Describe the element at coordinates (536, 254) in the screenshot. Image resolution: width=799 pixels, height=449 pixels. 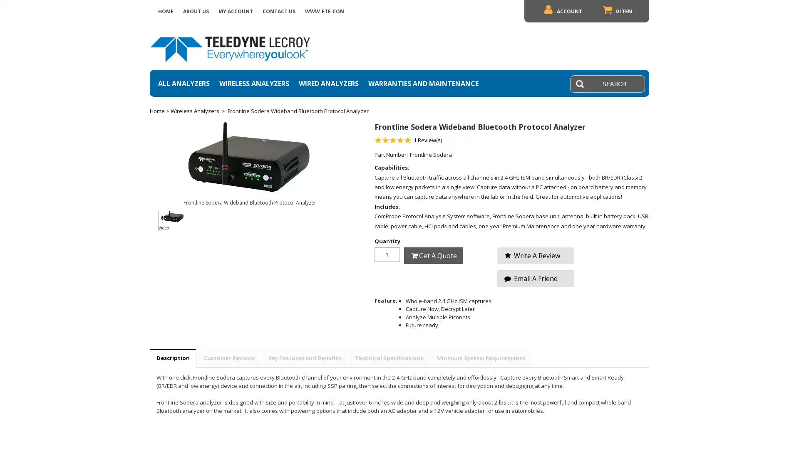
I see `Write A Review` at that location.